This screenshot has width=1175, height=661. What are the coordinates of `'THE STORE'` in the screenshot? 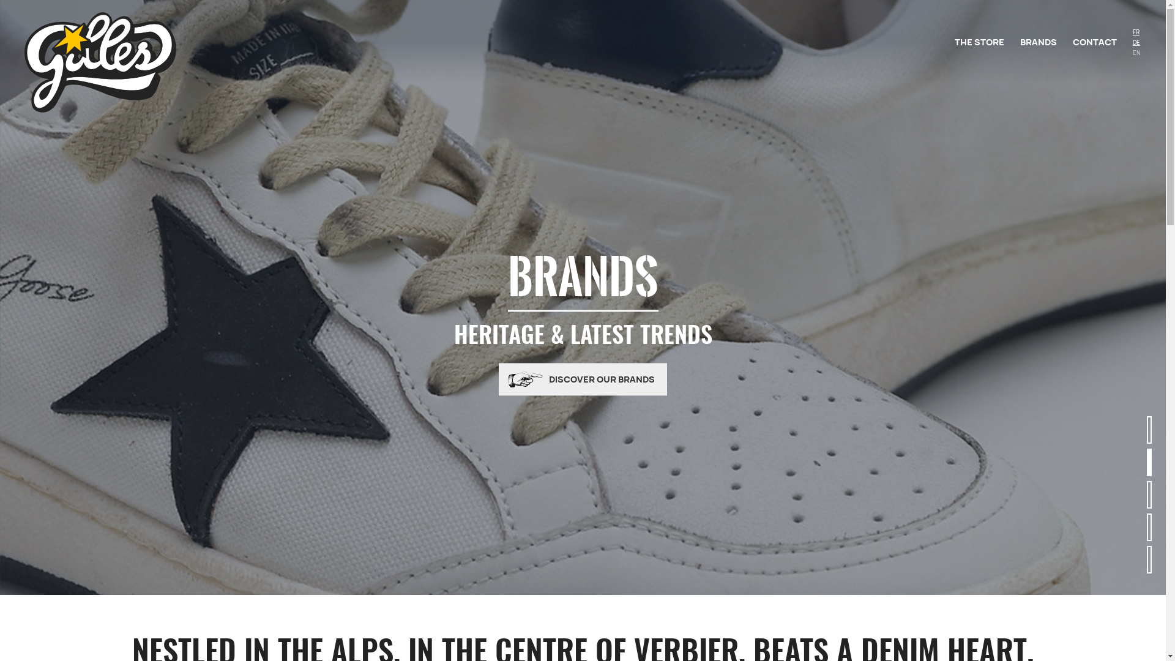 It's located at (979, 42).